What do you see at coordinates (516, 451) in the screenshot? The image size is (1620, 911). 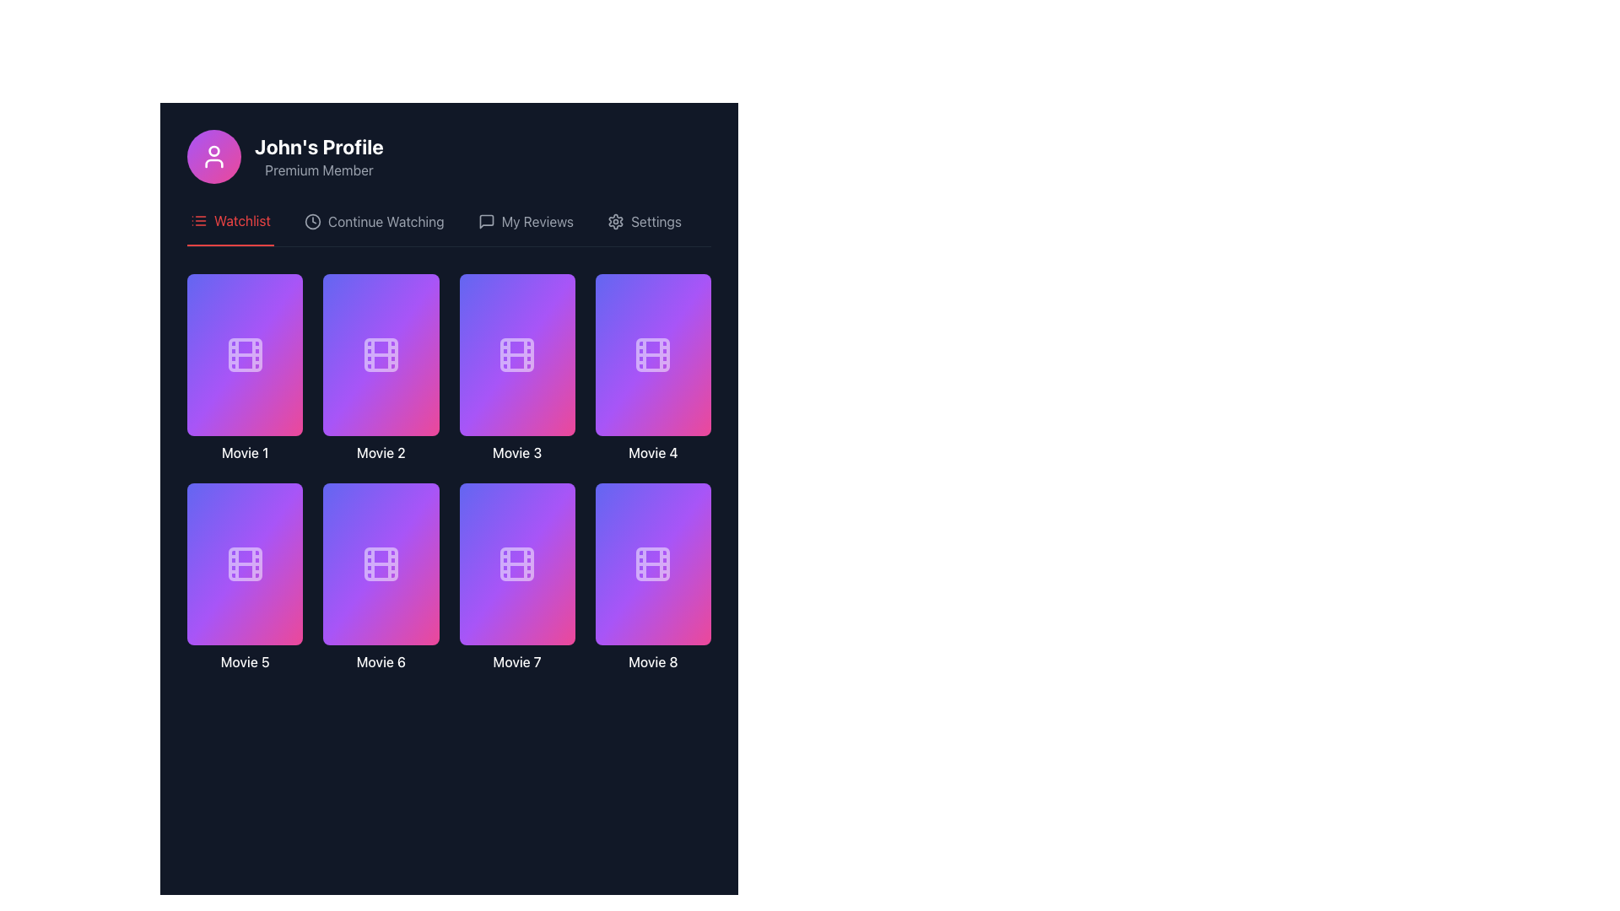 I see `the text label reading 'Movie 3' which is located below the central visual of the card in the second row, first column of a movie grid layout` at bounding box center [516, 451].